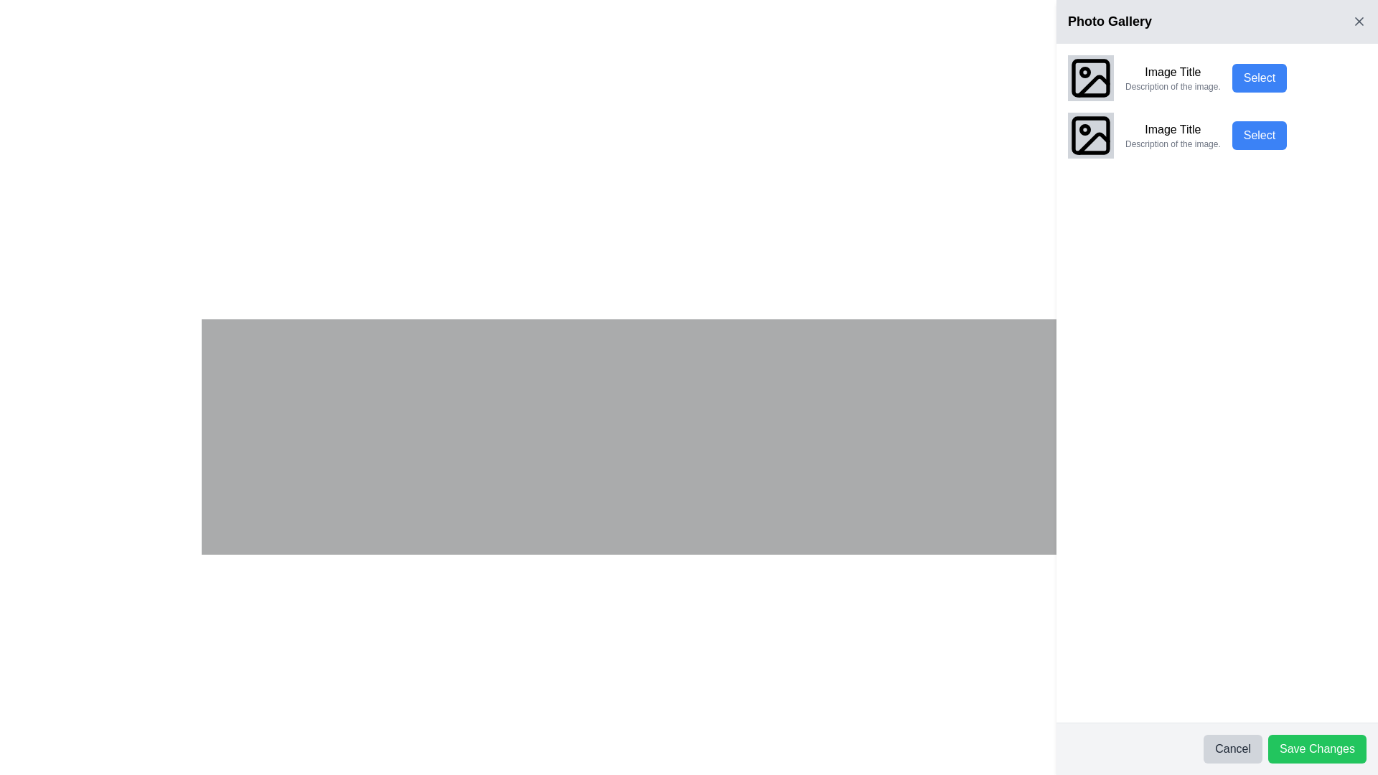 This screenshot has width=1378, height=775. What do you see at coordinates (1085, 130) in the screenshot?
I see `the graphical point or circular ornament located towards the center-left of the image icon` at bounding box center [1085, 130].